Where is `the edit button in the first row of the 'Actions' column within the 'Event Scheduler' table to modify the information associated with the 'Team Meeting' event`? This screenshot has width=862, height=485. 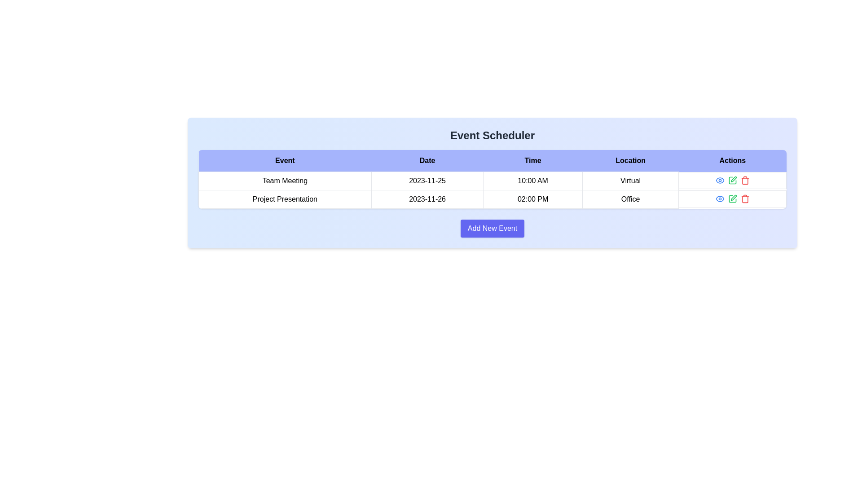
the edit button in the first row of the 'Actions' column within the 'Event Scheduler' table to modify the information associated with the 'Team Meeting' event is located at coordinates (733, 180).